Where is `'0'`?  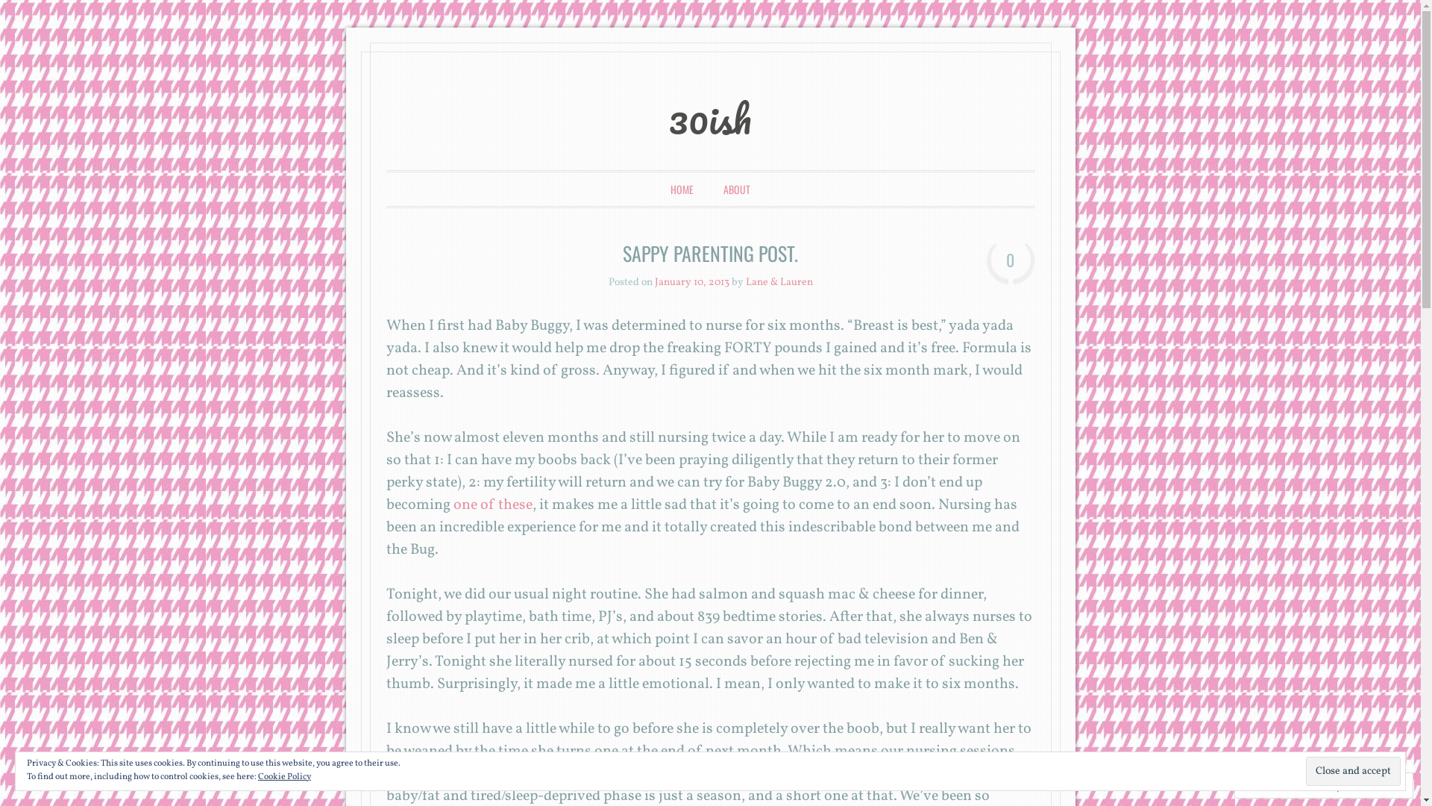
'0' is located at coordinates (1010, 263).